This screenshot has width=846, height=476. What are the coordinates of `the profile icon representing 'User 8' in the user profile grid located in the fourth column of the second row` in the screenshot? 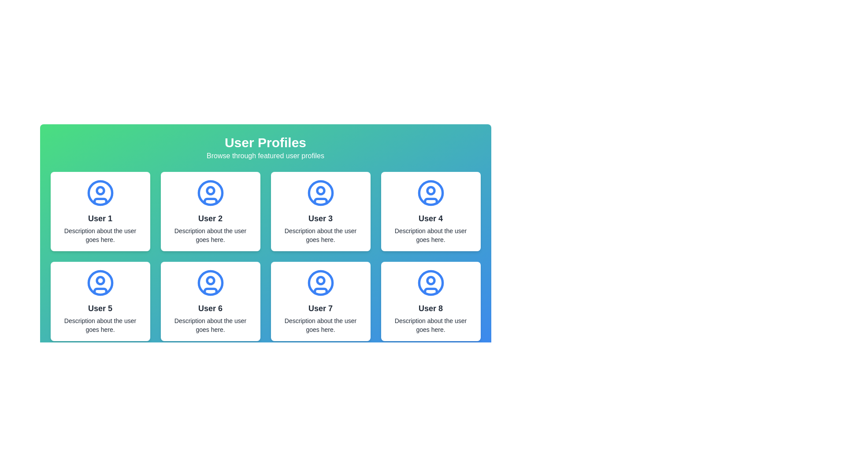 It's located at (430, 283).